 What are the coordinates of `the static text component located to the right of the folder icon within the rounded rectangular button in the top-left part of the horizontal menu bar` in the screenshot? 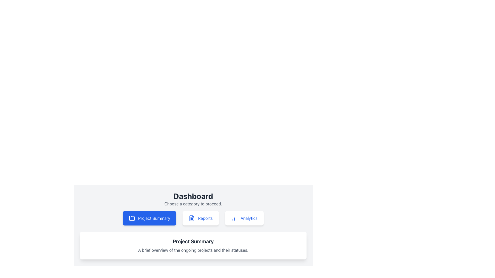 It's located at (154, 218).